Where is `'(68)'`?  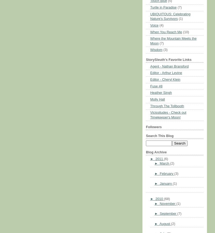
'(68)' is located at coordinates (167, 199).